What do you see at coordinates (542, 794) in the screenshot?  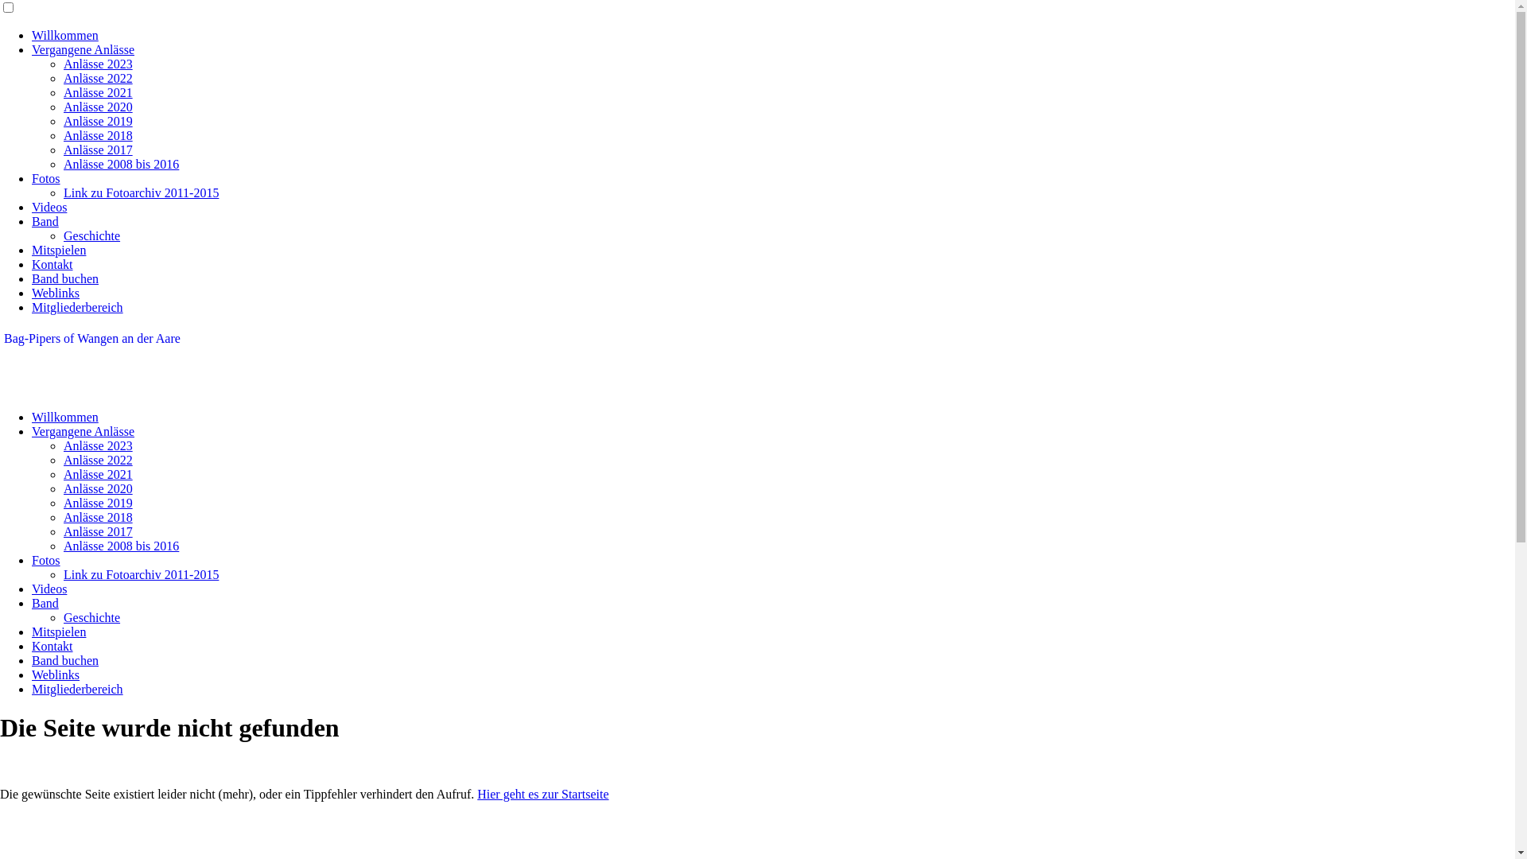 I see `'Hier geht es zur Startseite'` at bounding box center [542, 794].